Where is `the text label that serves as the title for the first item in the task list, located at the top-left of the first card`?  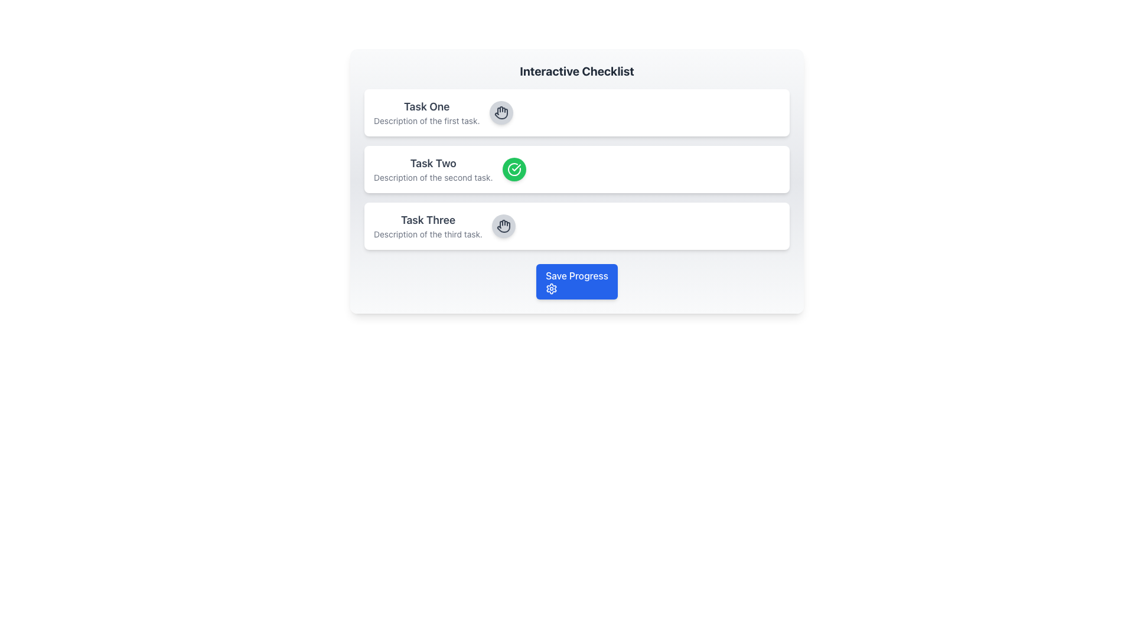
the text label that serves as the title for the first item in the task list, located at the top-left of the first card is located at coordinates (426, 107).